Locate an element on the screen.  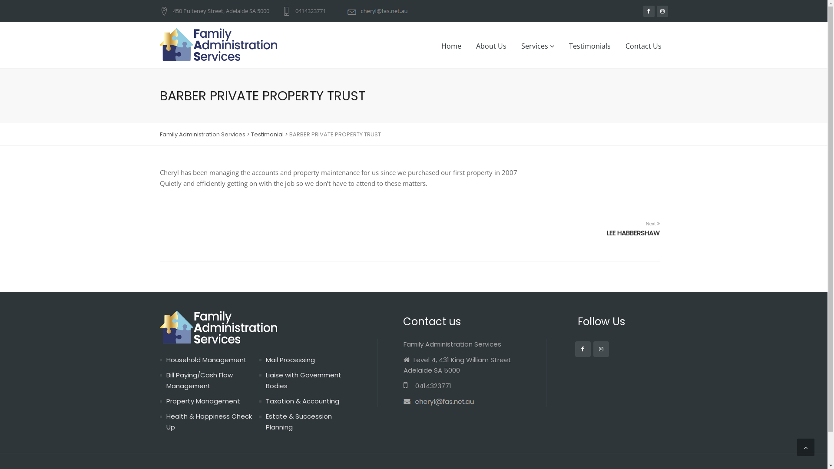
'Mail Processing' is located at coordinates (290, 360).